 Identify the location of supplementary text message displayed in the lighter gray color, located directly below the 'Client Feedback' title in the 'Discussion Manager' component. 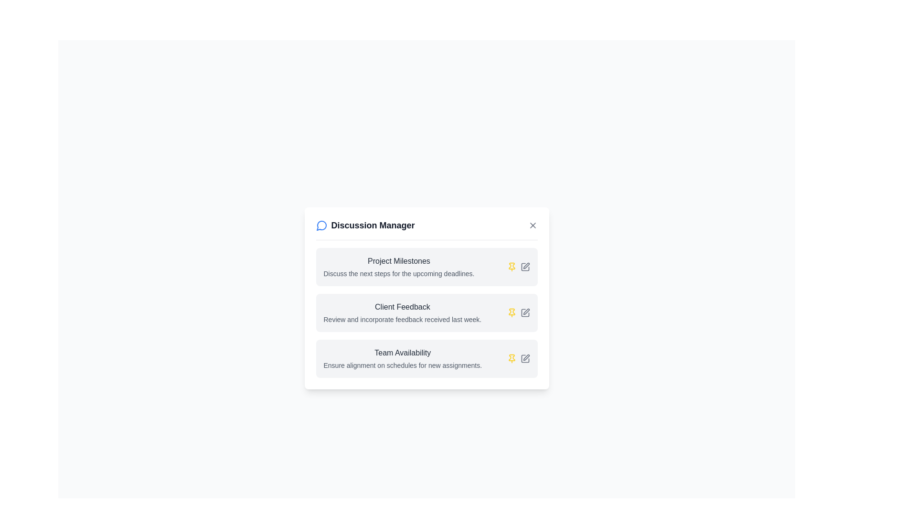
(402, 319).